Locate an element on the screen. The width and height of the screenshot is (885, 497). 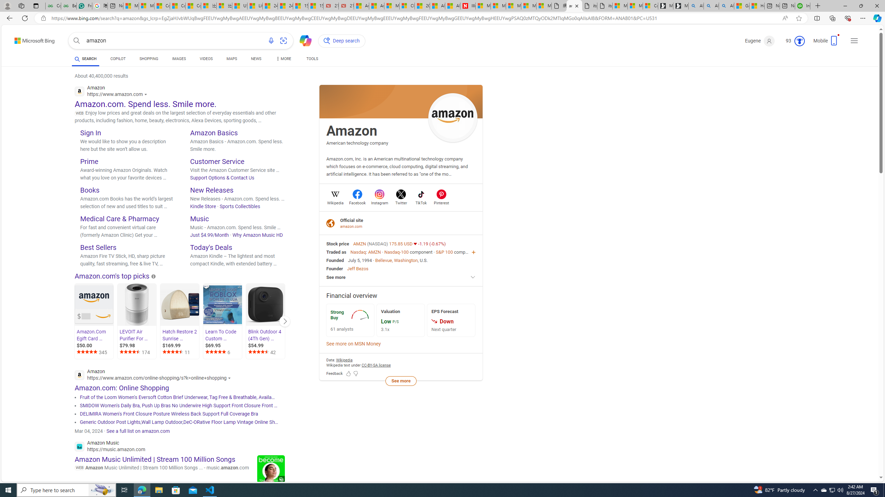
'MORE' is located at coordinates (283, 59).